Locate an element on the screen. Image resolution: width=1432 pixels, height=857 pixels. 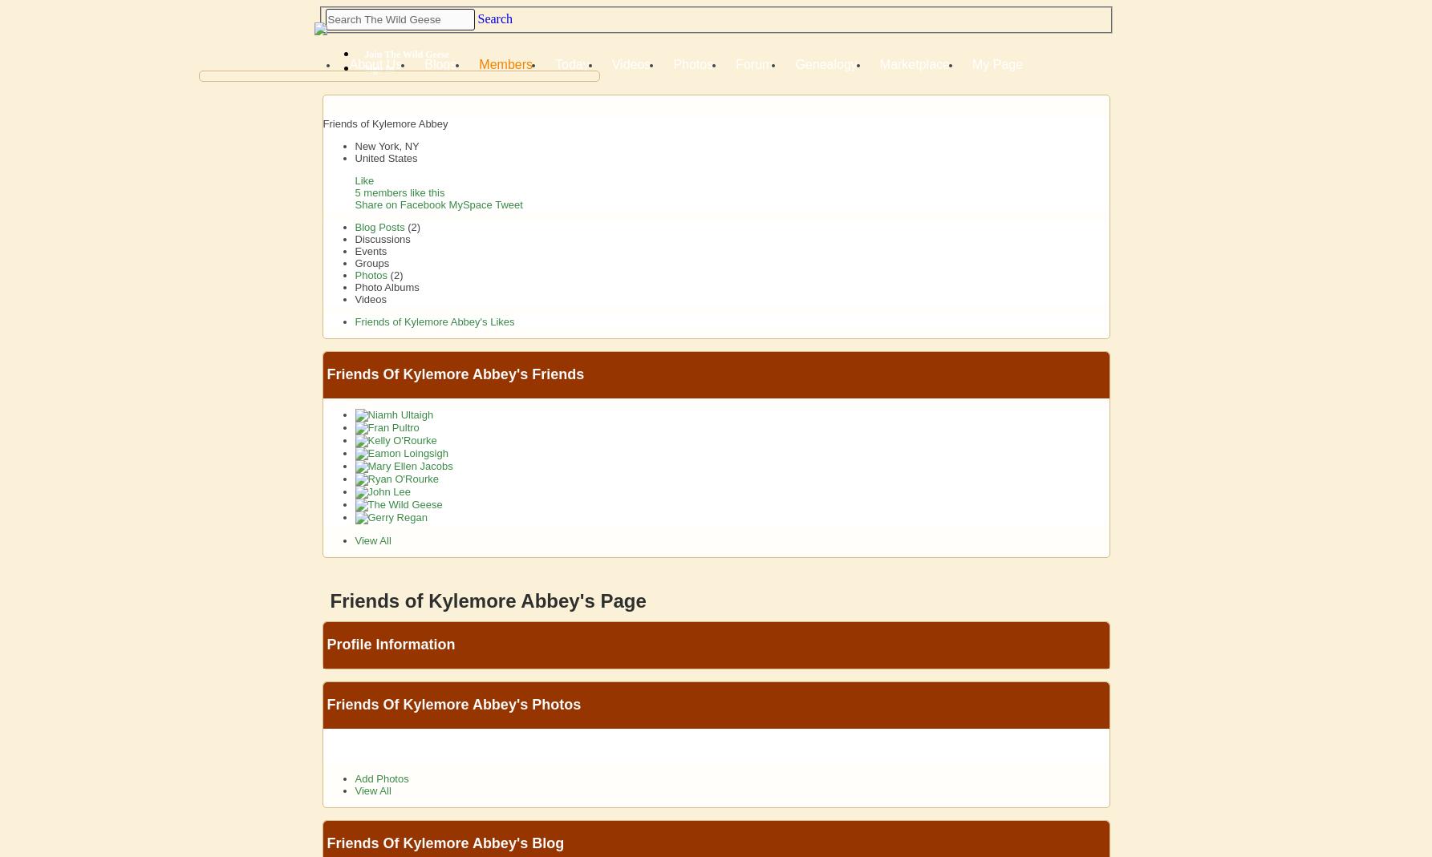
'Add Photos' is located at coordinates (353, 778).